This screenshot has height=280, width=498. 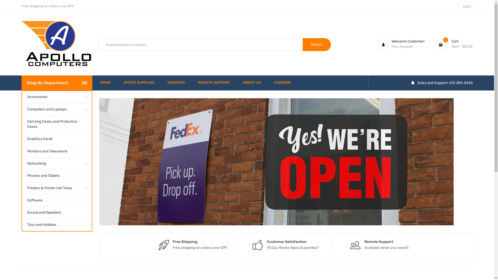 I want to click on 'HOME', so click(x=100, y=82).